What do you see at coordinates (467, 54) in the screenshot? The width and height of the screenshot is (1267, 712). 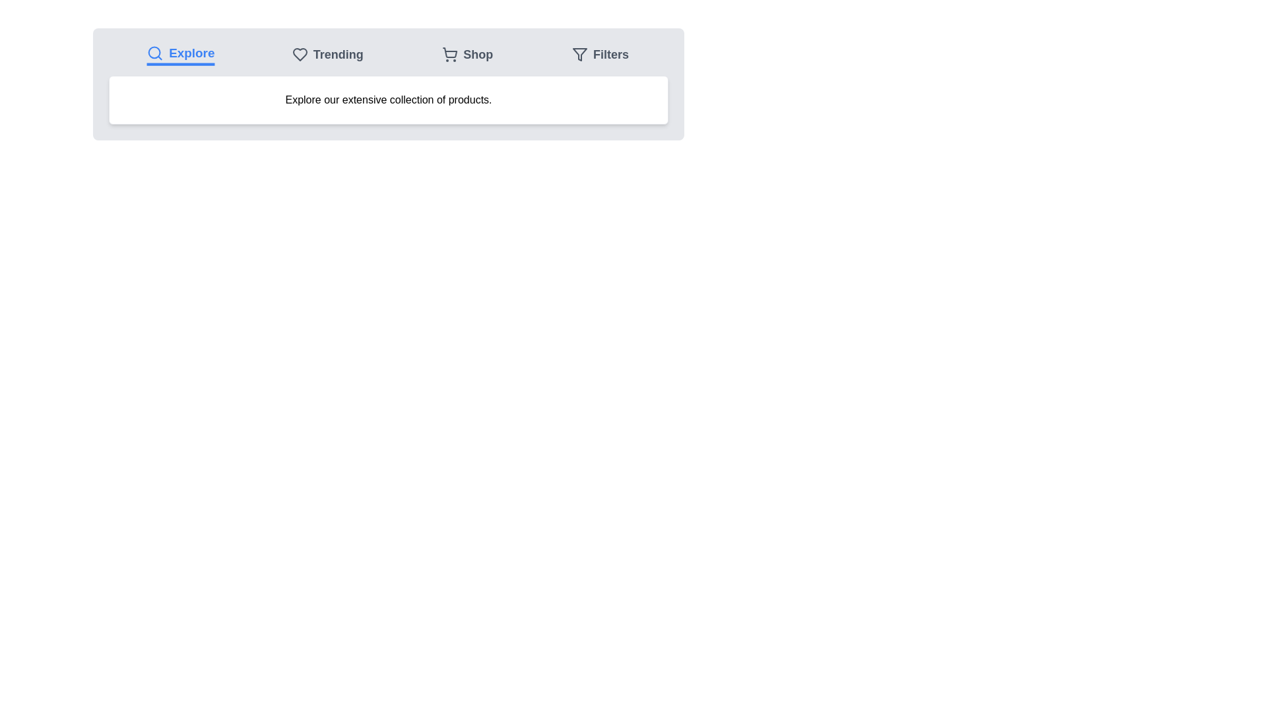 I see `the tab labeled 'Shop' to navigate to its content` at bounding box center [467, 54].